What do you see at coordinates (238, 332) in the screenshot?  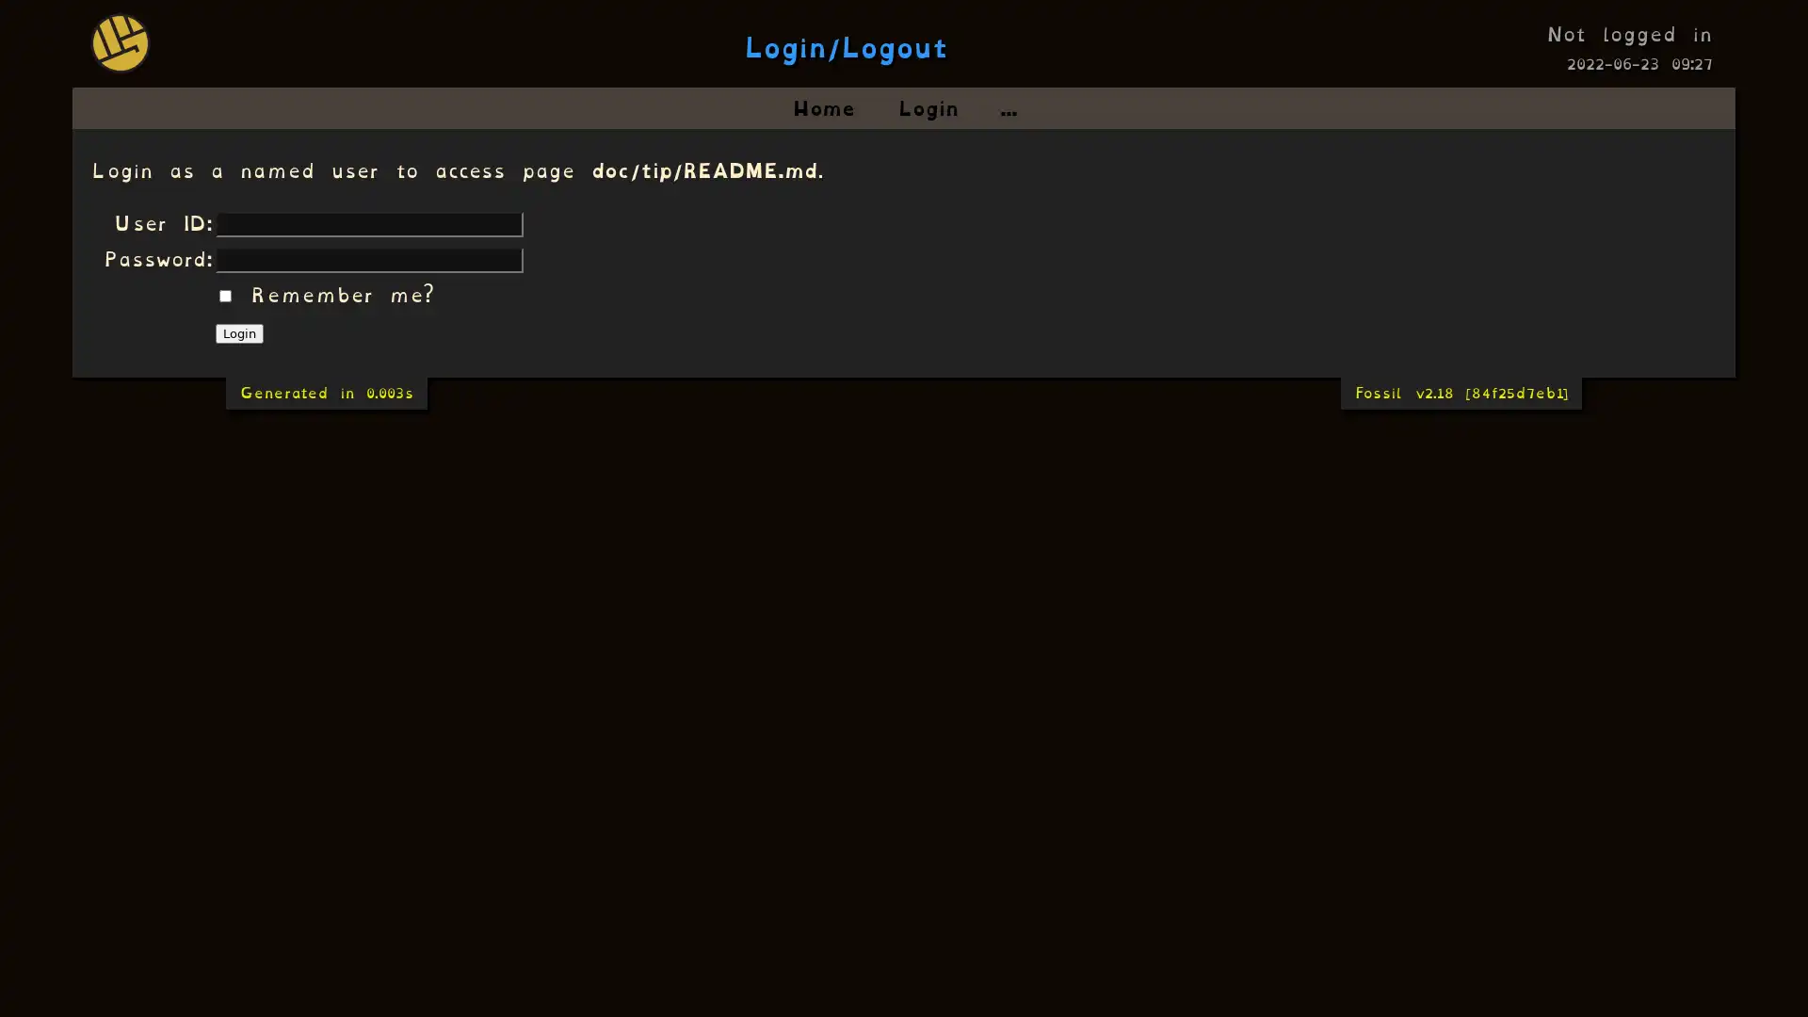 I see `Login` at bounding box center [238, 332].